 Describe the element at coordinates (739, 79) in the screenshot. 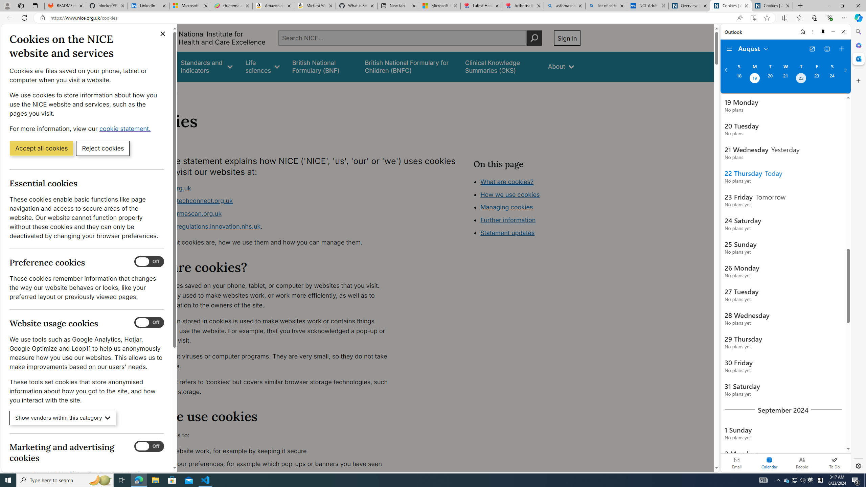

I see `'Sunday, August 18, 2024. '` at that location.